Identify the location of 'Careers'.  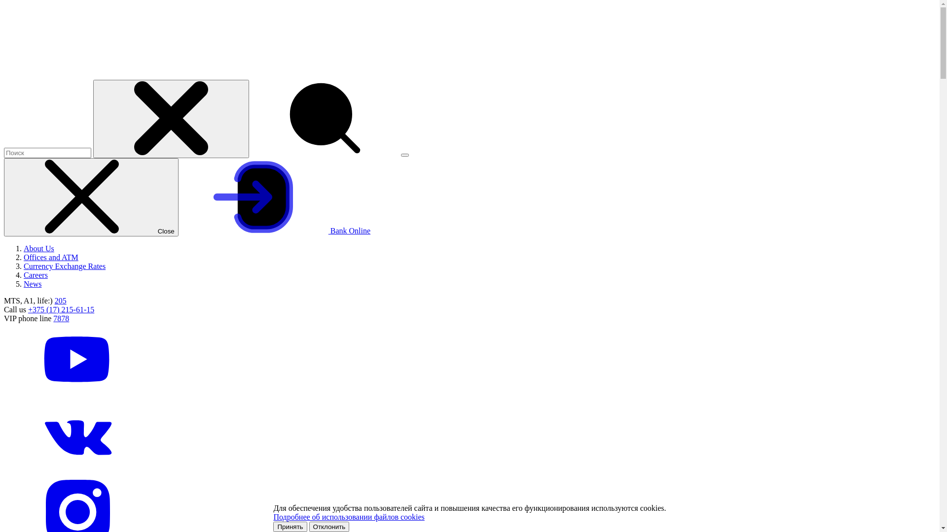
(36, 275).